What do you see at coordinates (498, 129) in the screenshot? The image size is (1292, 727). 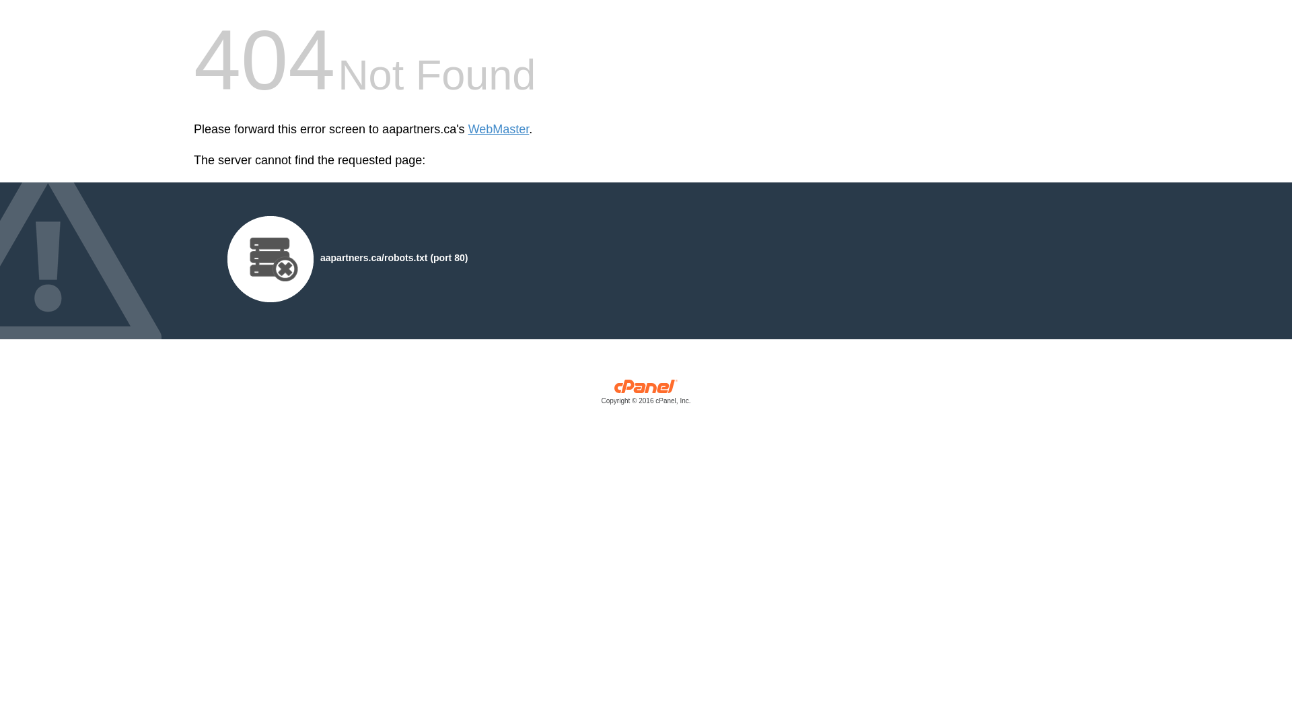 I see `'WebMaster'` at bounding box center [498, 129].